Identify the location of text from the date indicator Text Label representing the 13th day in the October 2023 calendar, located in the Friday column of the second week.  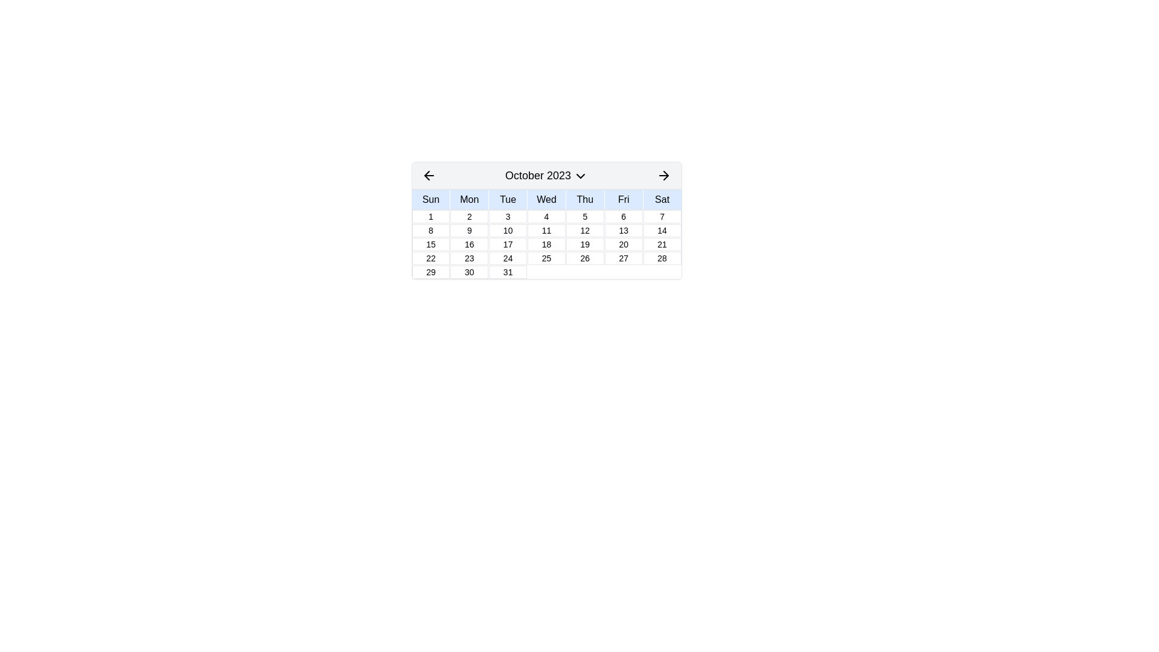
(624, 230).